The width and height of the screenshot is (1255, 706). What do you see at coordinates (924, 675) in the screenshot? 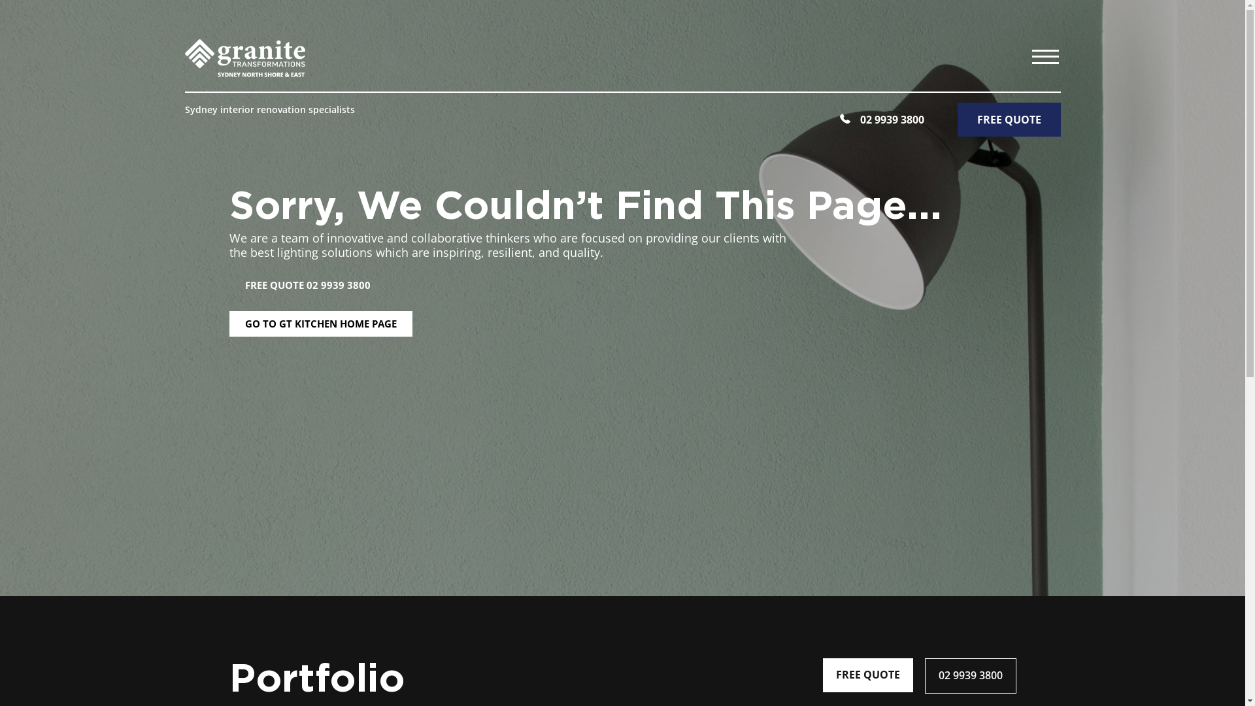
I see `'02 9939 3800'` at bounding box center [924, 675].